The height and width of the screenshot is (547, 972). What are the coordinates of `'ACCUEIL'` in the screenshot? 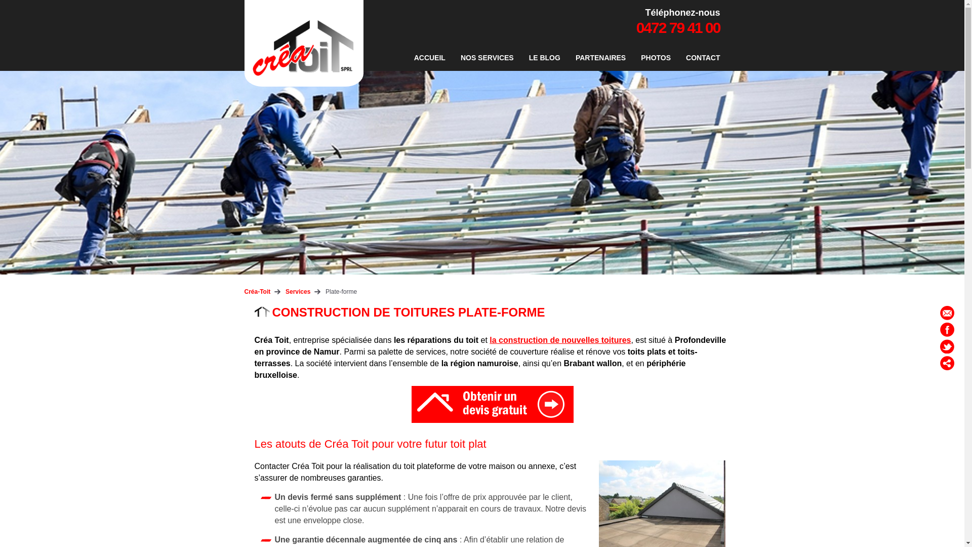 It's located at (430, 58).